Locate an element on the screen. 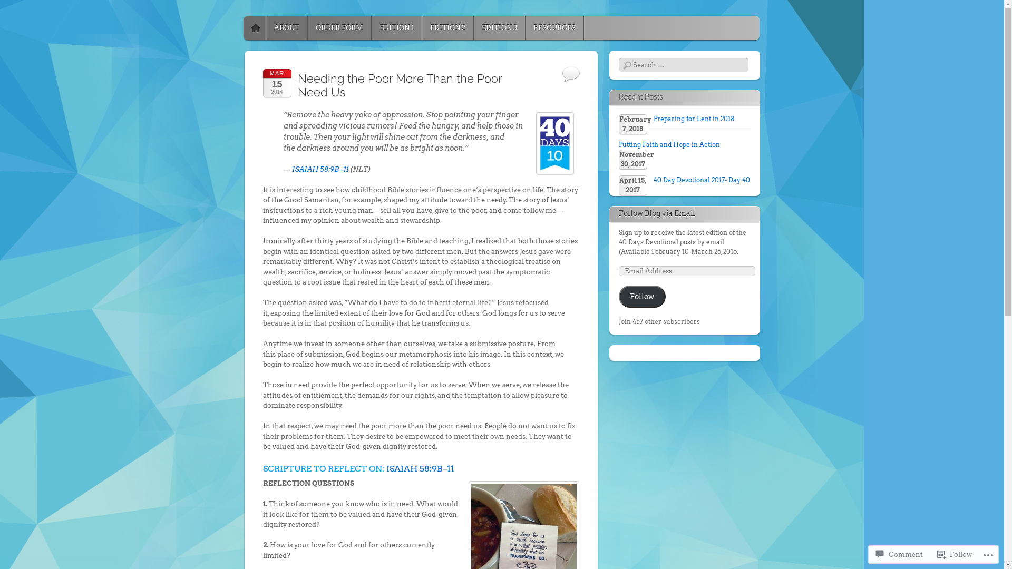 This screenshot has width=1012, height=569. 'Follow' is located at coordinates (642, 297).